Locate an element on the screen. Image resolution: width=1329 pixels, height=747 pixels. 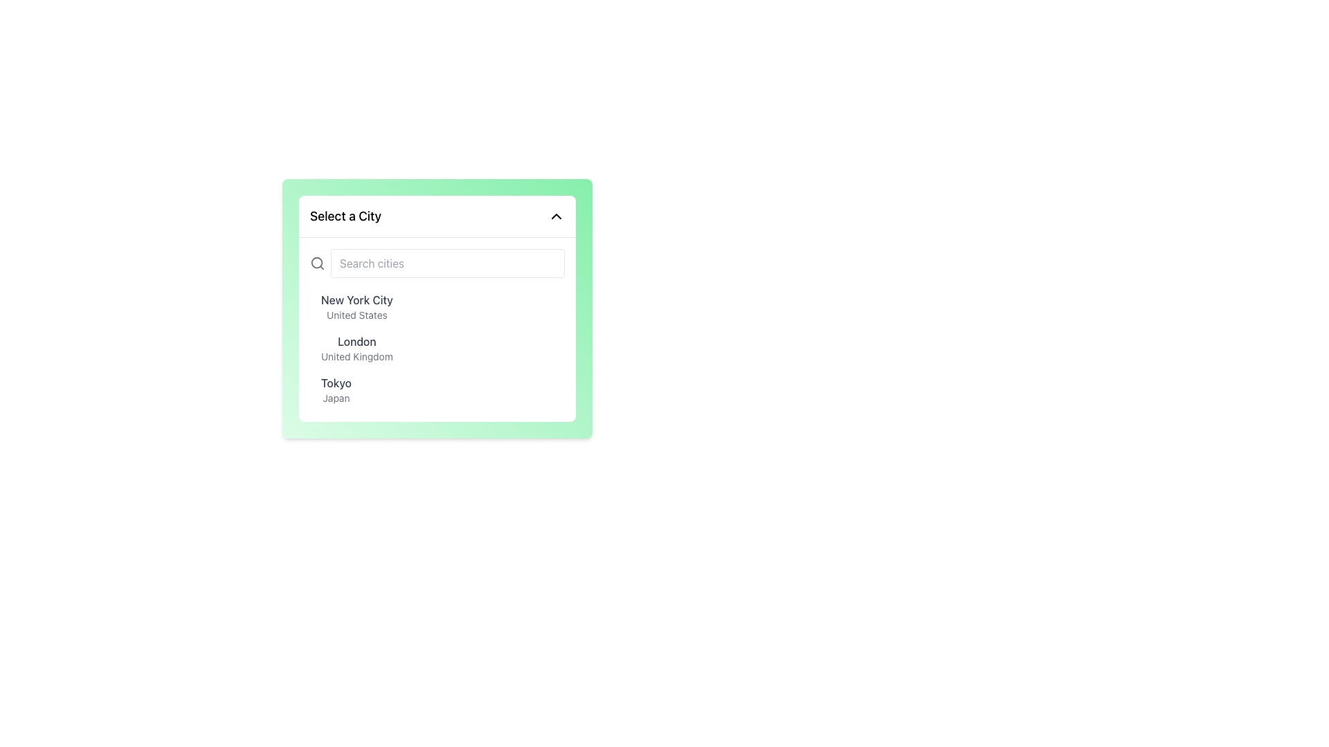
the search icon that represents the search functionality, located immediately to the left of the 'Search cities' text input field is located at coordinates (316, 264).